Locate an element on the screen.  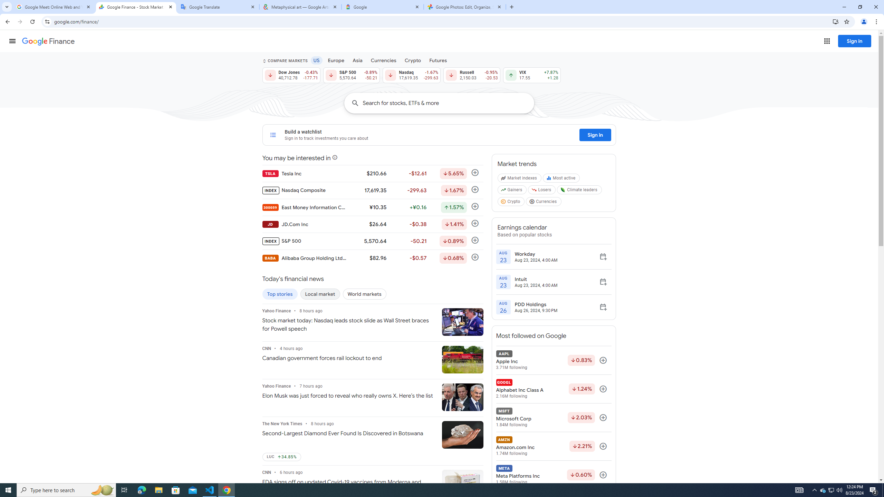
'Install Google Finance' is located at coordinates (836, 21).